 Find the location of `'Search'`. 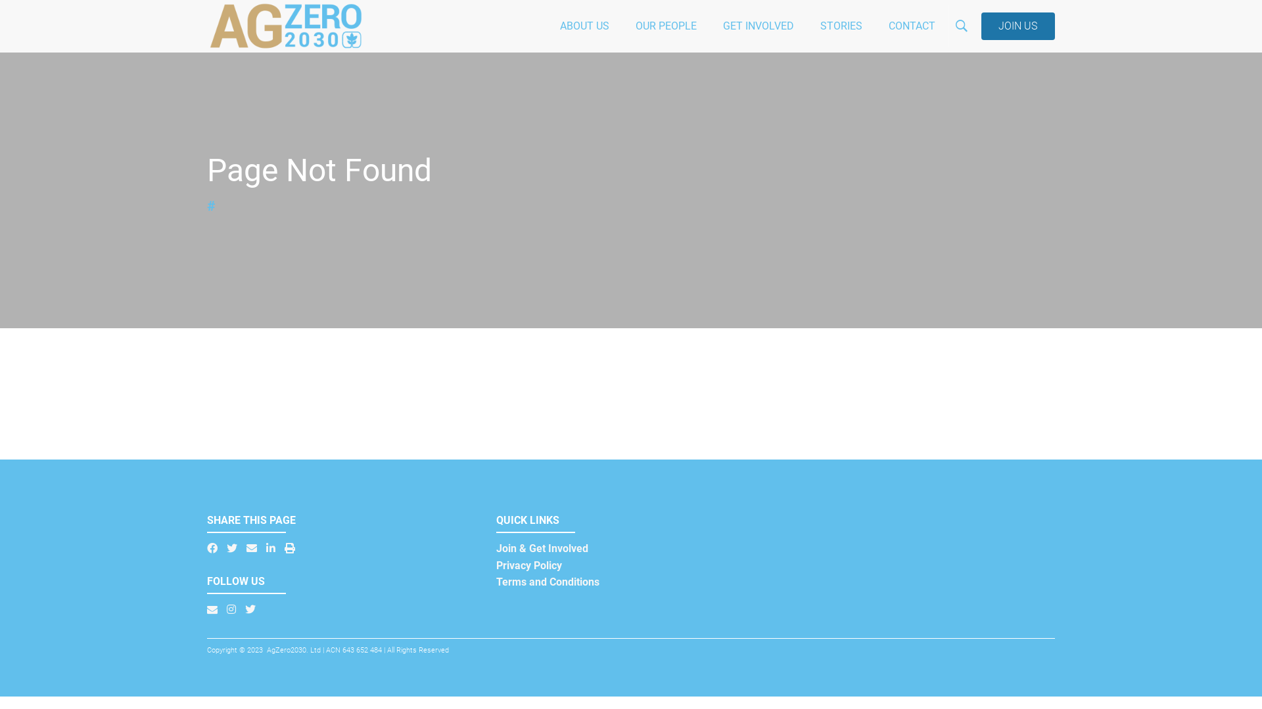

'Search' is located at coordinates (1025, 86).